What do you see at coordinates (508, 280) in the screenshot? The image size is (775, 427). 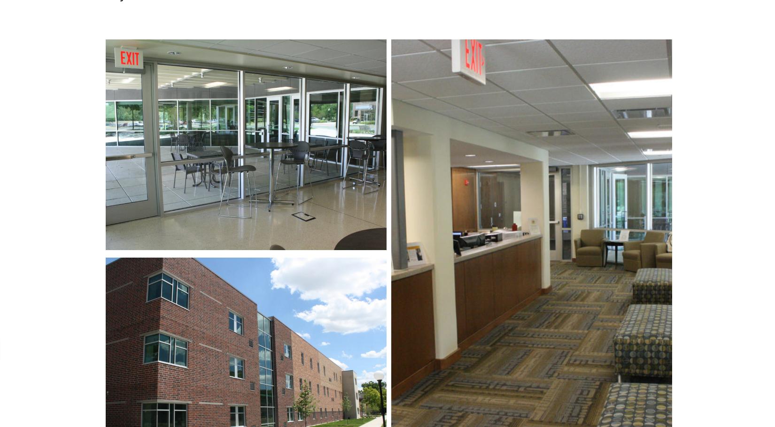 I see `'Contact'` at bounding box center [508, 280].